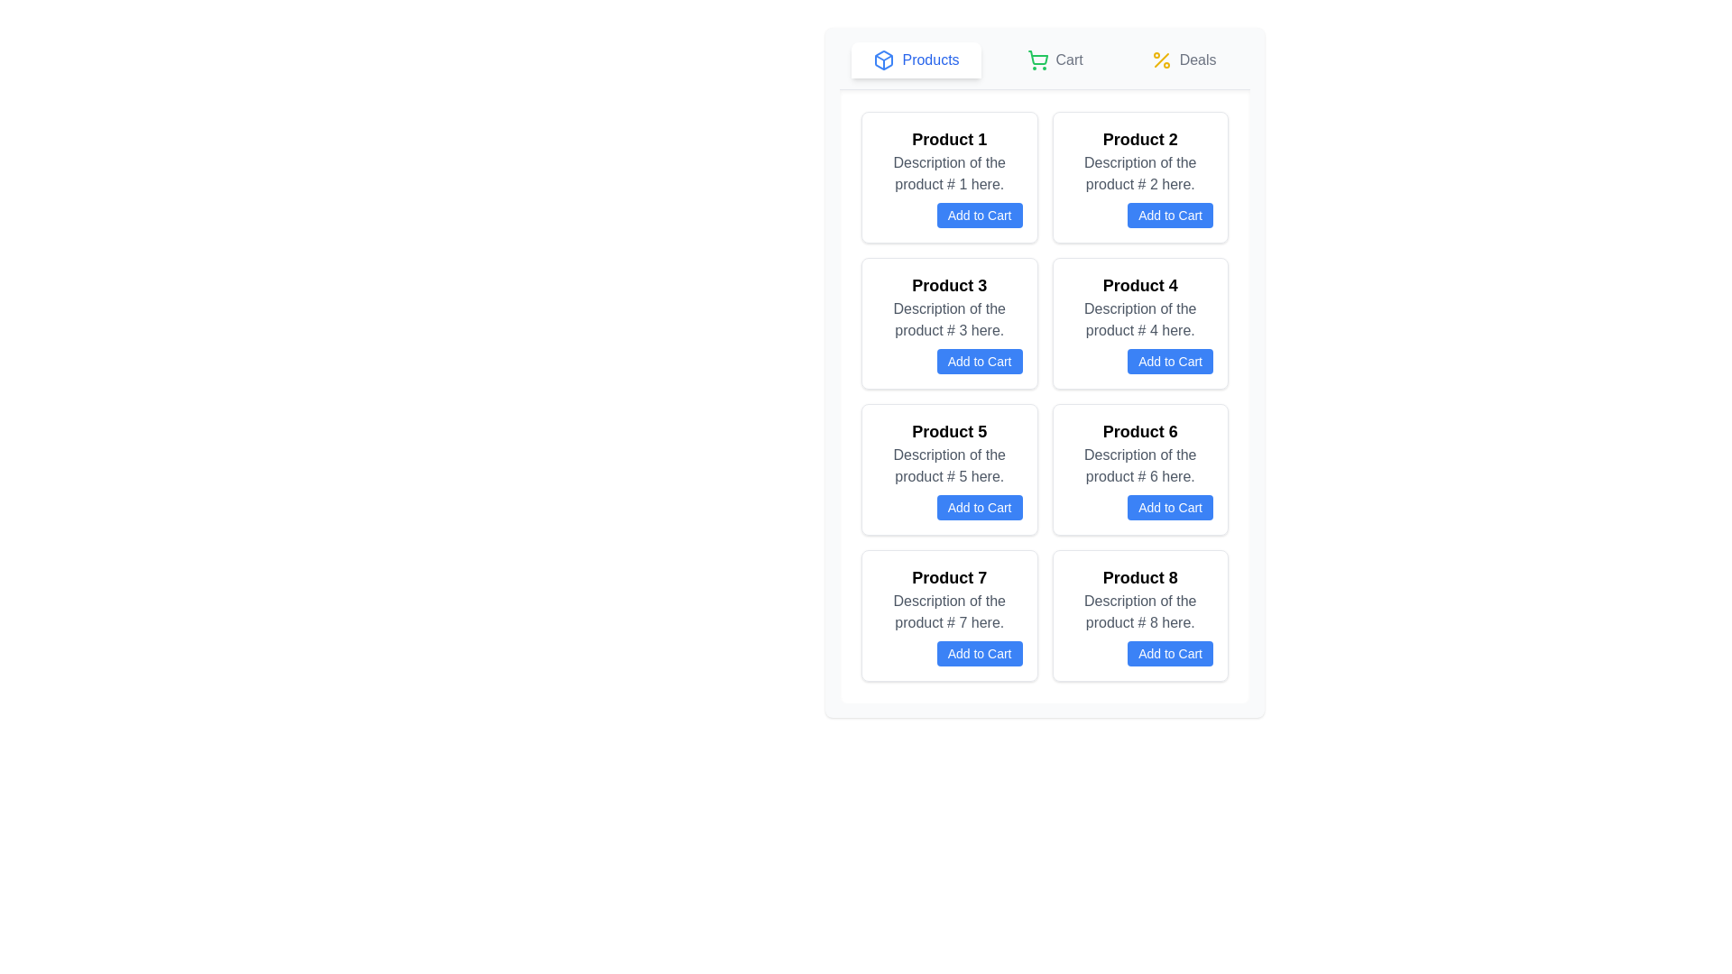  Describe the element at coordinates (1139, 138) in the screenshot. I see `the text label that serves as the header for 'Product 2'` at that location.